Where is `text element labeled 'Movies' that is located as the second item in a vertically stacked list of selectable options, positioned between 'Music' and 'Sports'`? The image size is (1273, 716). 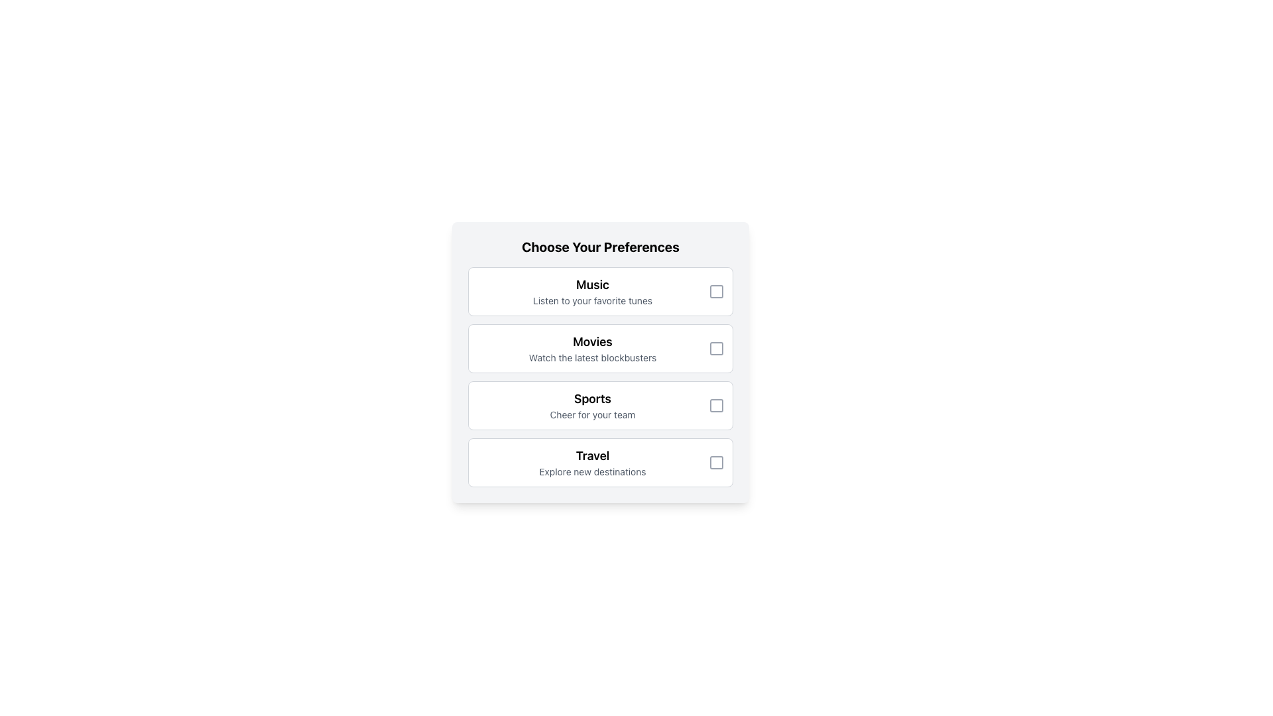
text element labeled 'Movies' that is located as the second item in a vertically stacked list of selectable options, positioned between 'Music' and 'Sports' is located at coordinates (591, 347).